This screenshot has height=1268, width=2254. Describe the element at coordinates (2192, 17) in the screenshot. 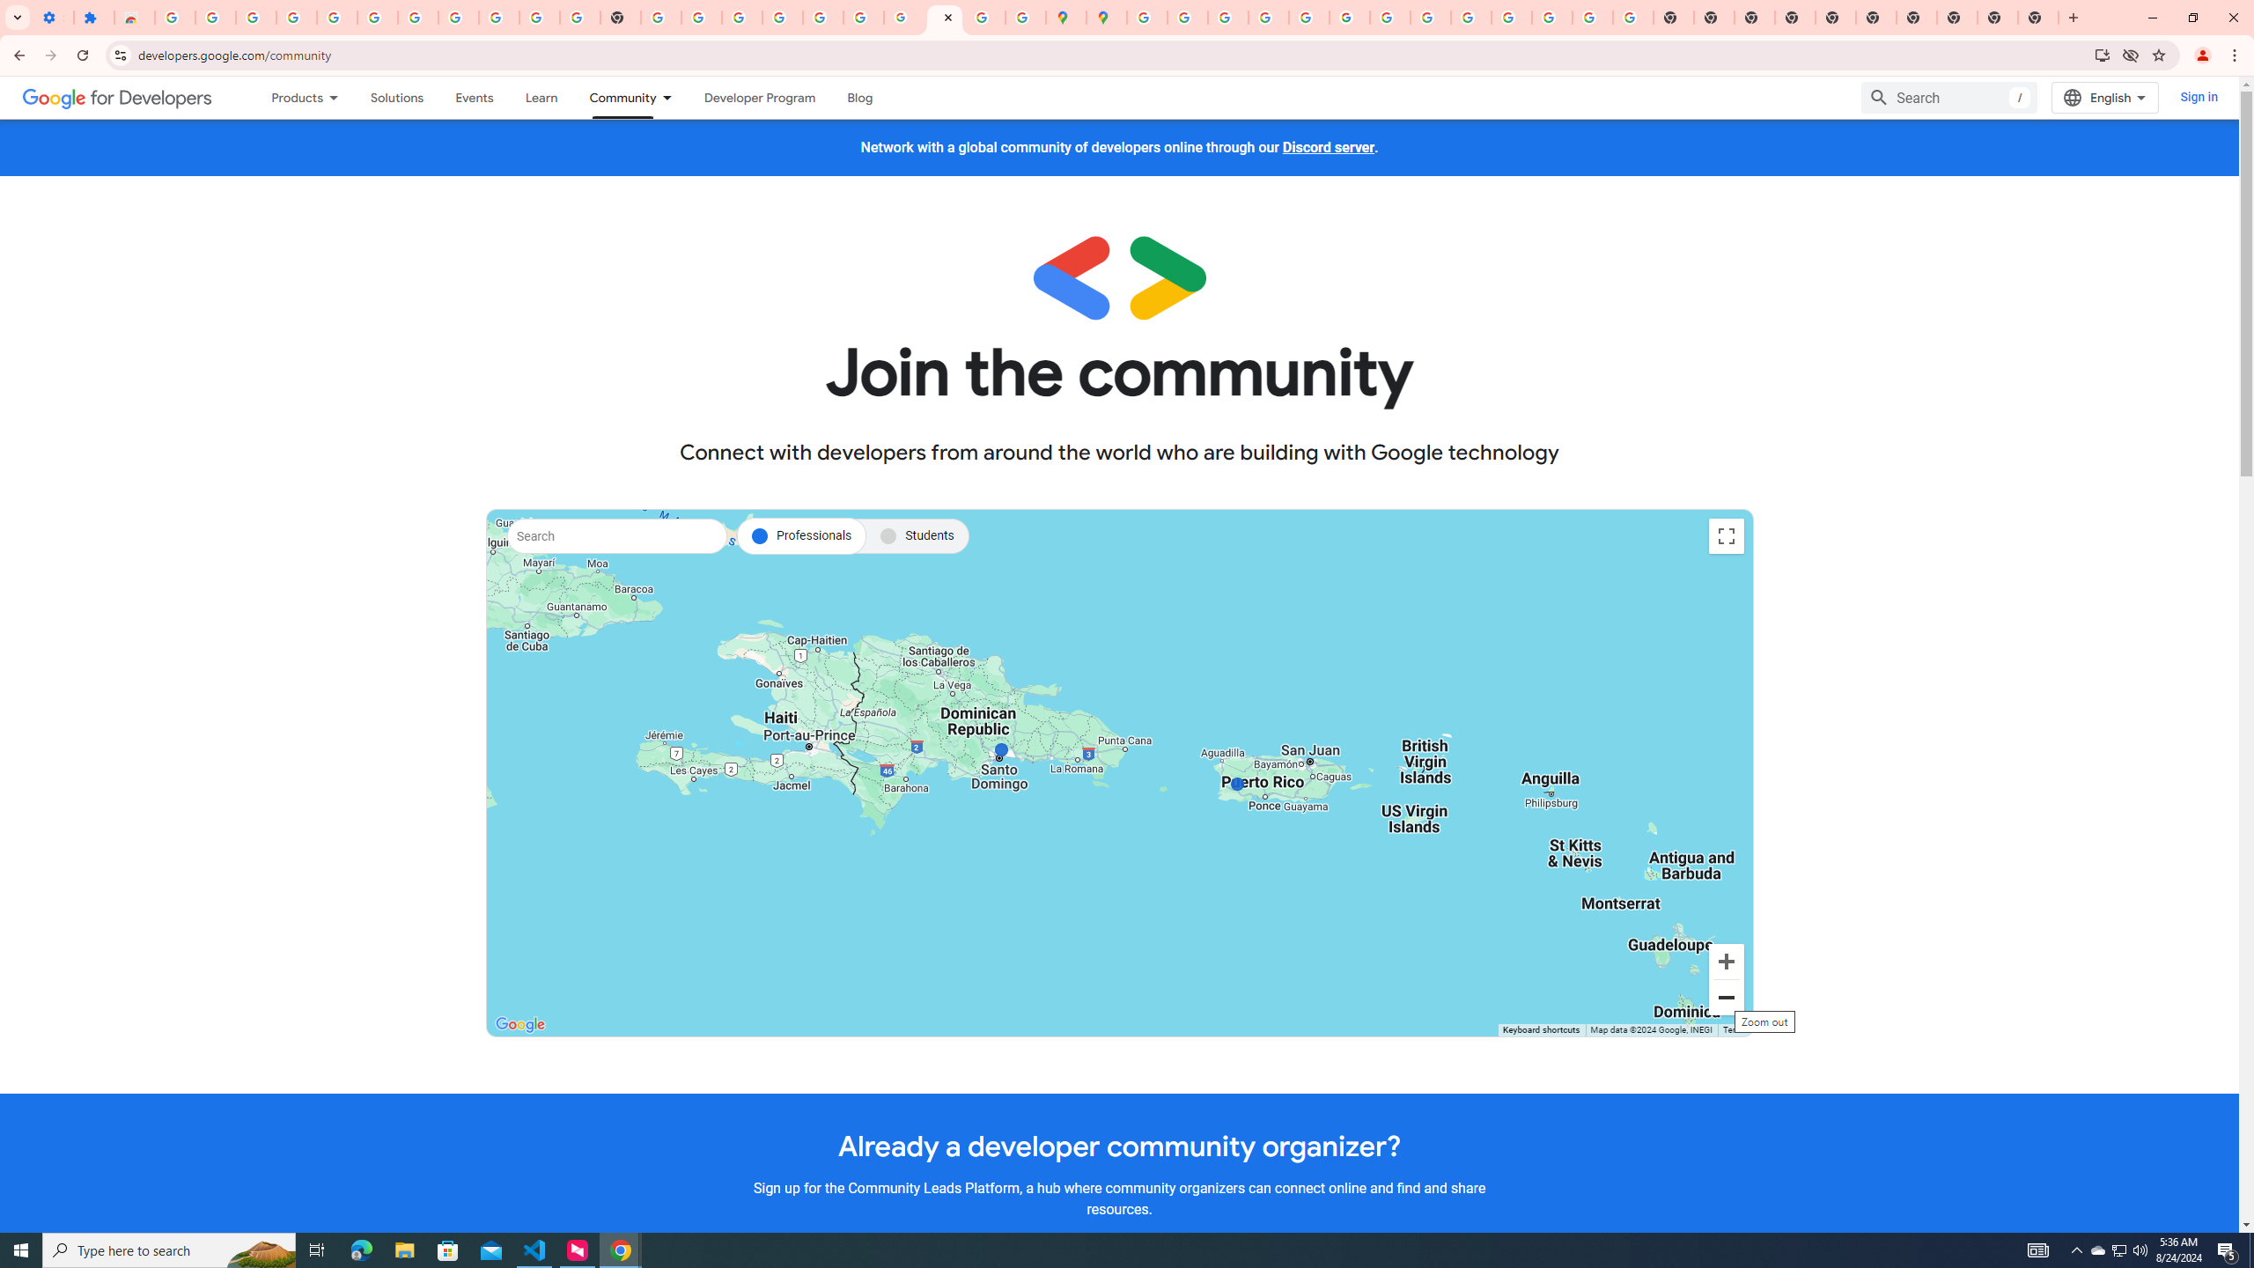

I see `'Restore'` at that location.